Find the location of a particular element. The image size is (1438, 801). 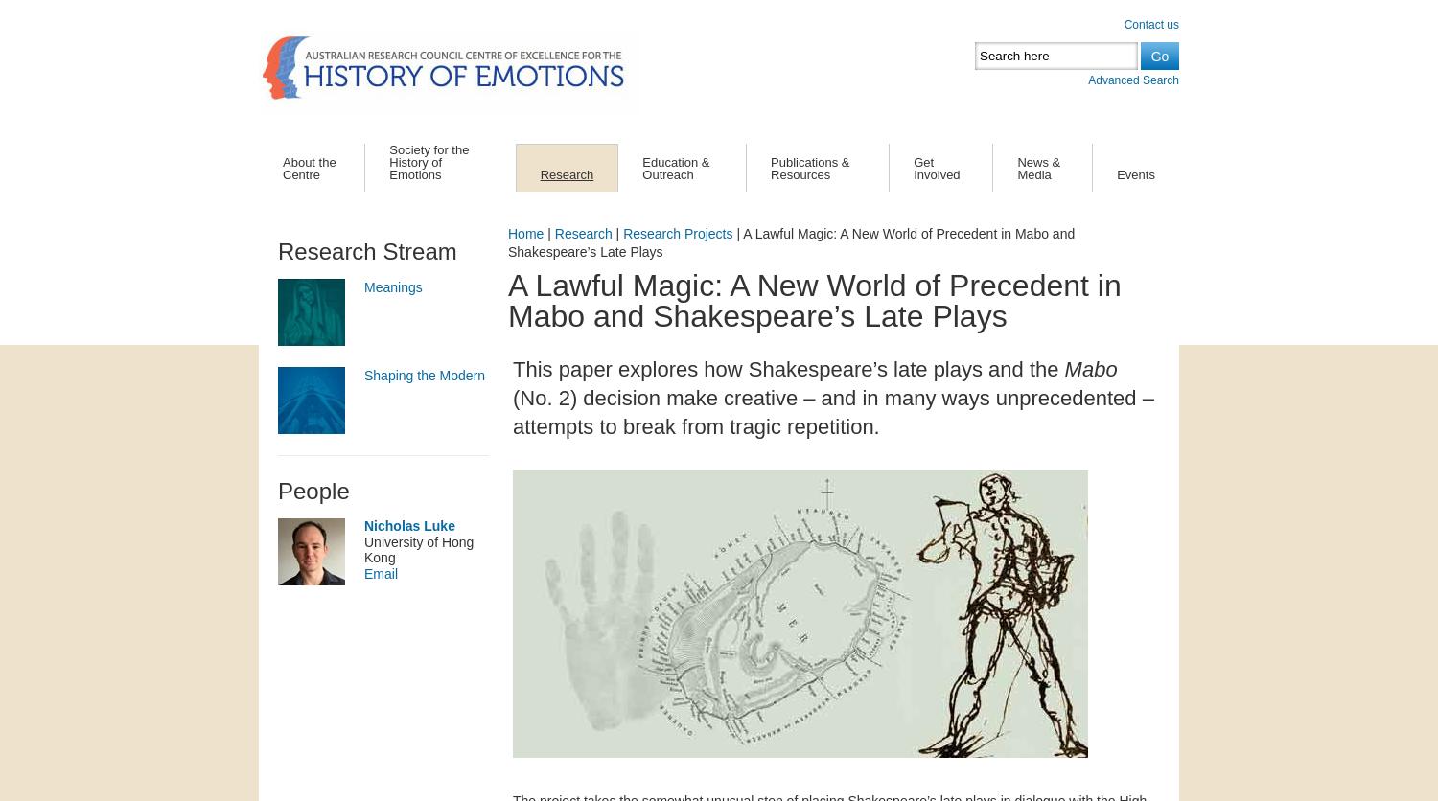

'University of Hong Kong' is located at coordinates (418, 548).